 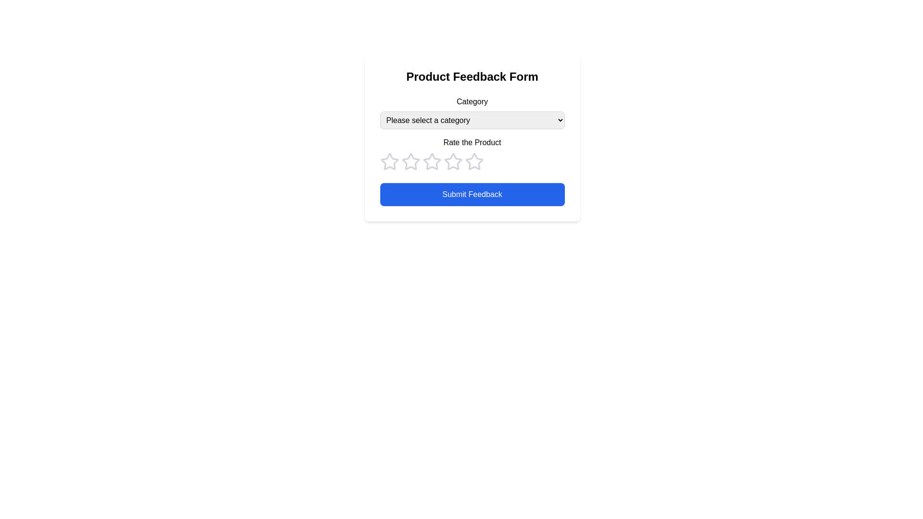 I want to click on the fourth star icon in the rating system below the 'Rate the Product' label in the feedback form interface, so click(x=474, y=161).